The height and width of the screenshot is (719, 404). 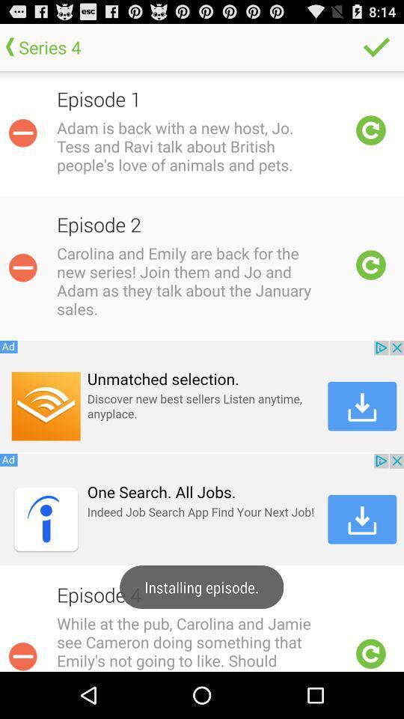 What do you see at coordinates (22, 267) in the screenshot?
I see `remove episode` at bounding box center [22, 267].